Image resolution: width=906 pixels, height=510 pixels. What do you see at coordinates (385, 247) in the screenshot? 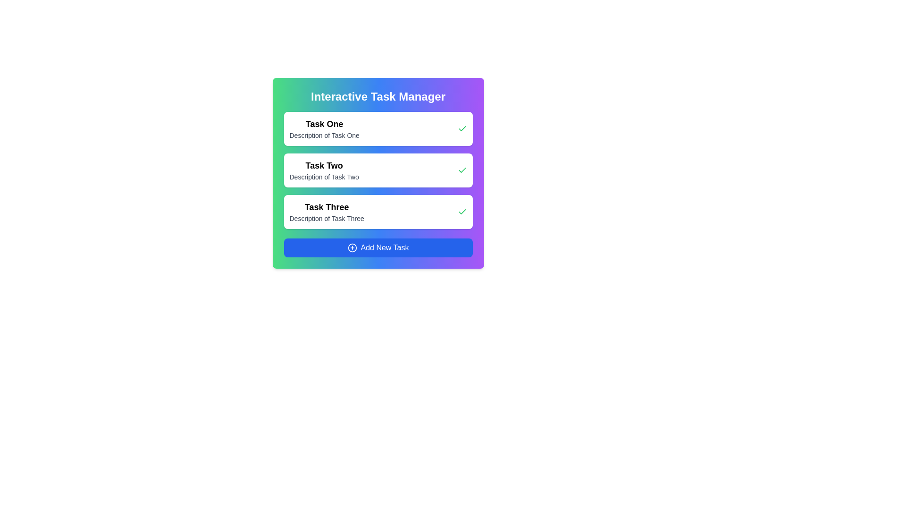
I see `the text label within the button that indicates its purpose to add a new task` at bounding box center [385, 247].